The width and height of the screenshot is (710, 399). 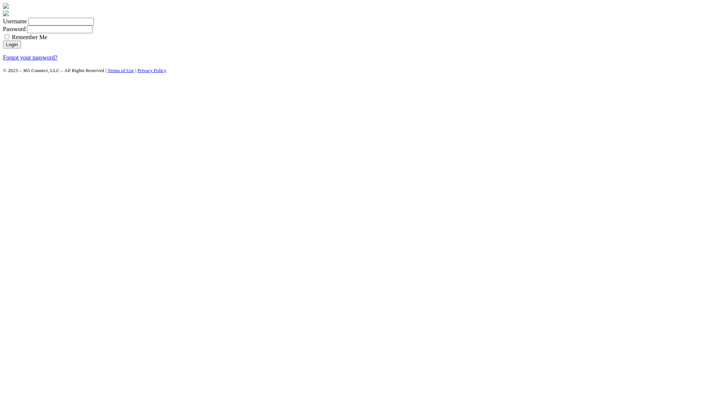 I want to click on 'Privacy Policy', so click(x=152, y=70).